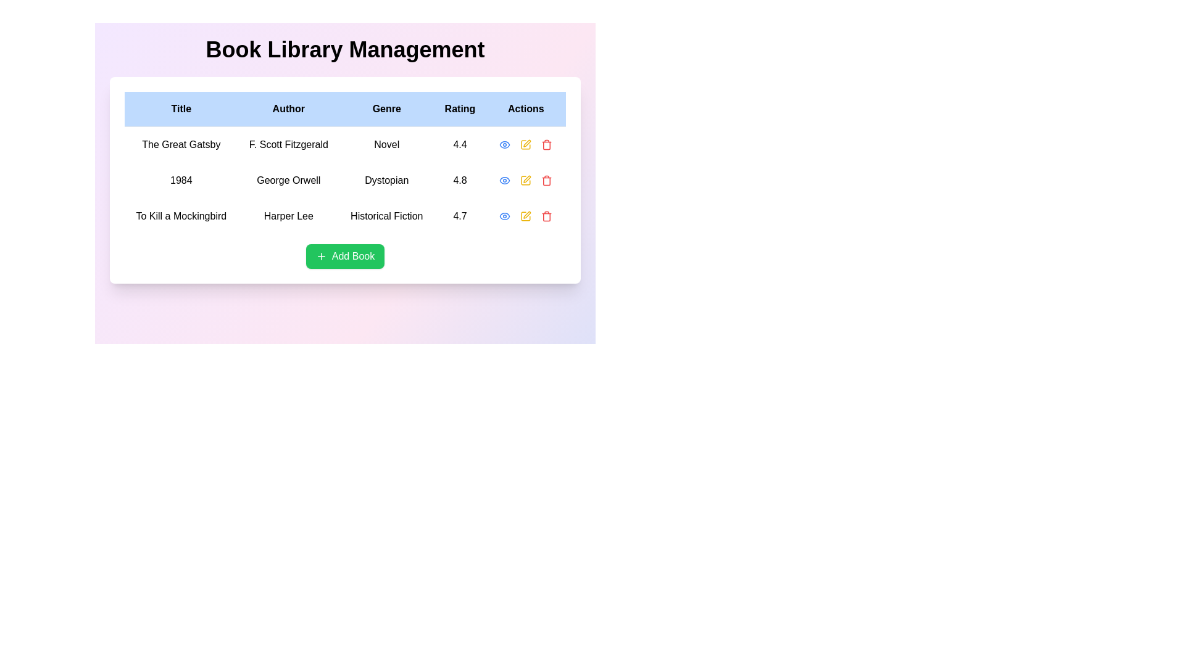 This screenshot has width=1185, height=666. Describe the element at coordinates (527, 142) in the screenshot. I see `the pen icon in the Actions column of the row for the book '1984' by George Orwell to initiate editing` at that location.